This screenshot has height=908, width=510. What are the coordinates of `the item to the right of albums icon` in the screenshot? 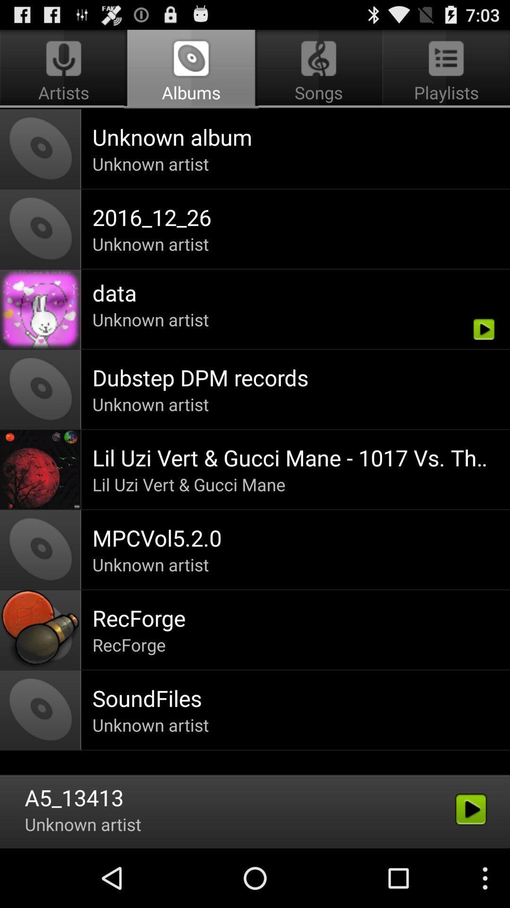 It's located at (444, 69).